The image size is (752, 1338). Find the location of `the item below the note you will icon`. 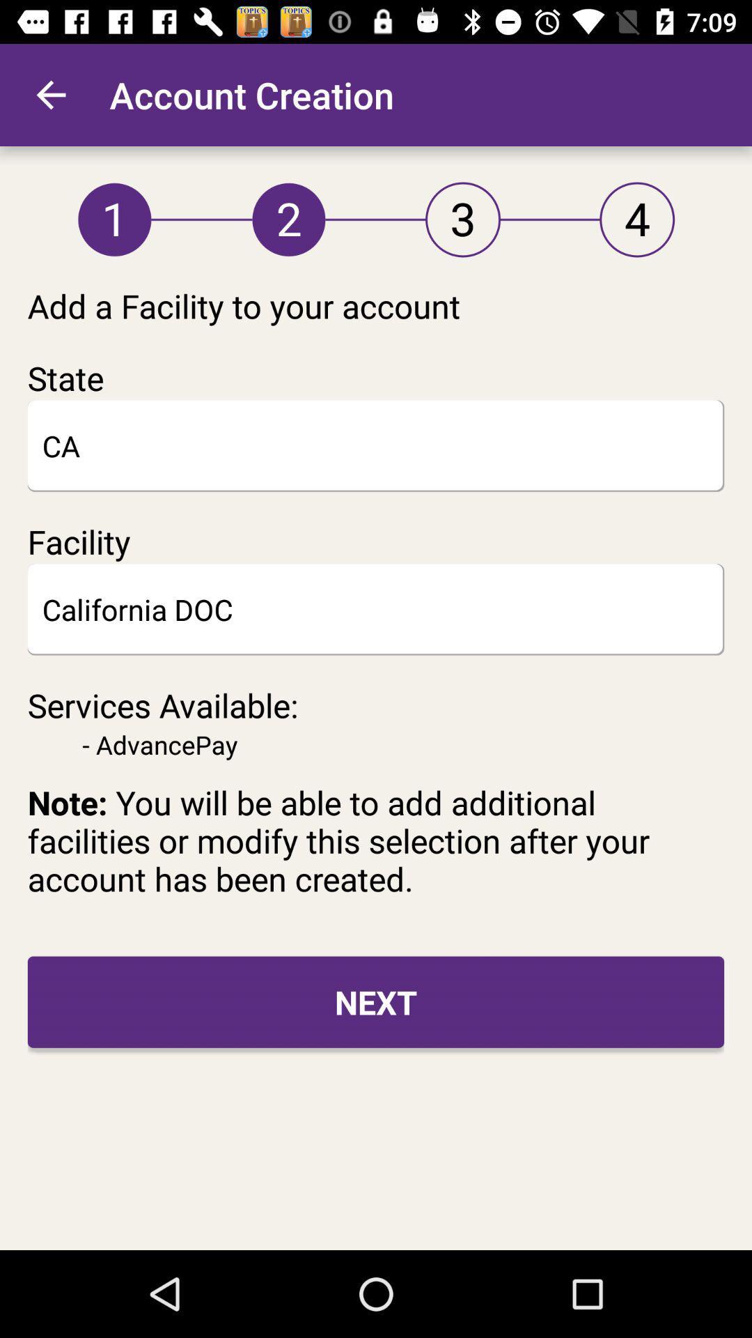

the item below the note you will icon is located at coordinates (376, 1001).